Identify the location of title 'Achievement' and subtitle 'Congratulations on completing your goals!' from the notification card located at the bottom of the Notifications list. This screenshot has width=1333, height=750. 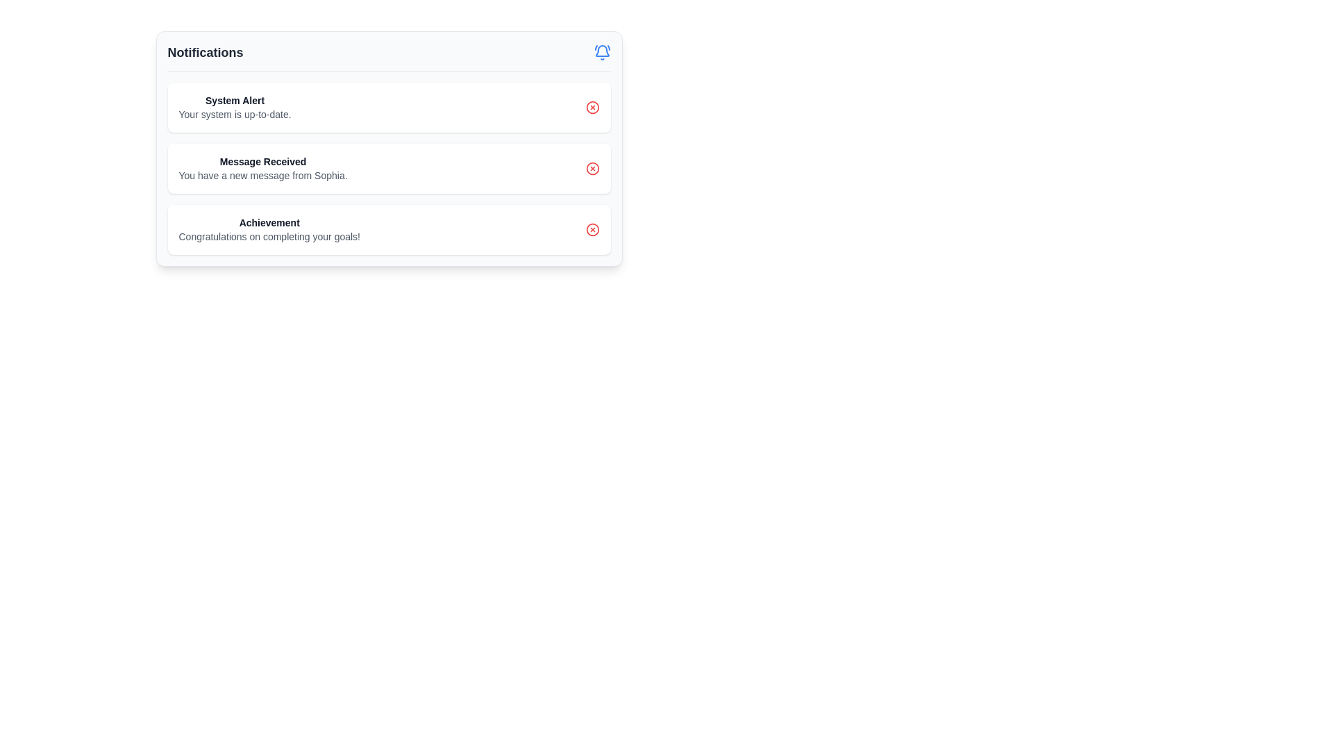
(389, 229).